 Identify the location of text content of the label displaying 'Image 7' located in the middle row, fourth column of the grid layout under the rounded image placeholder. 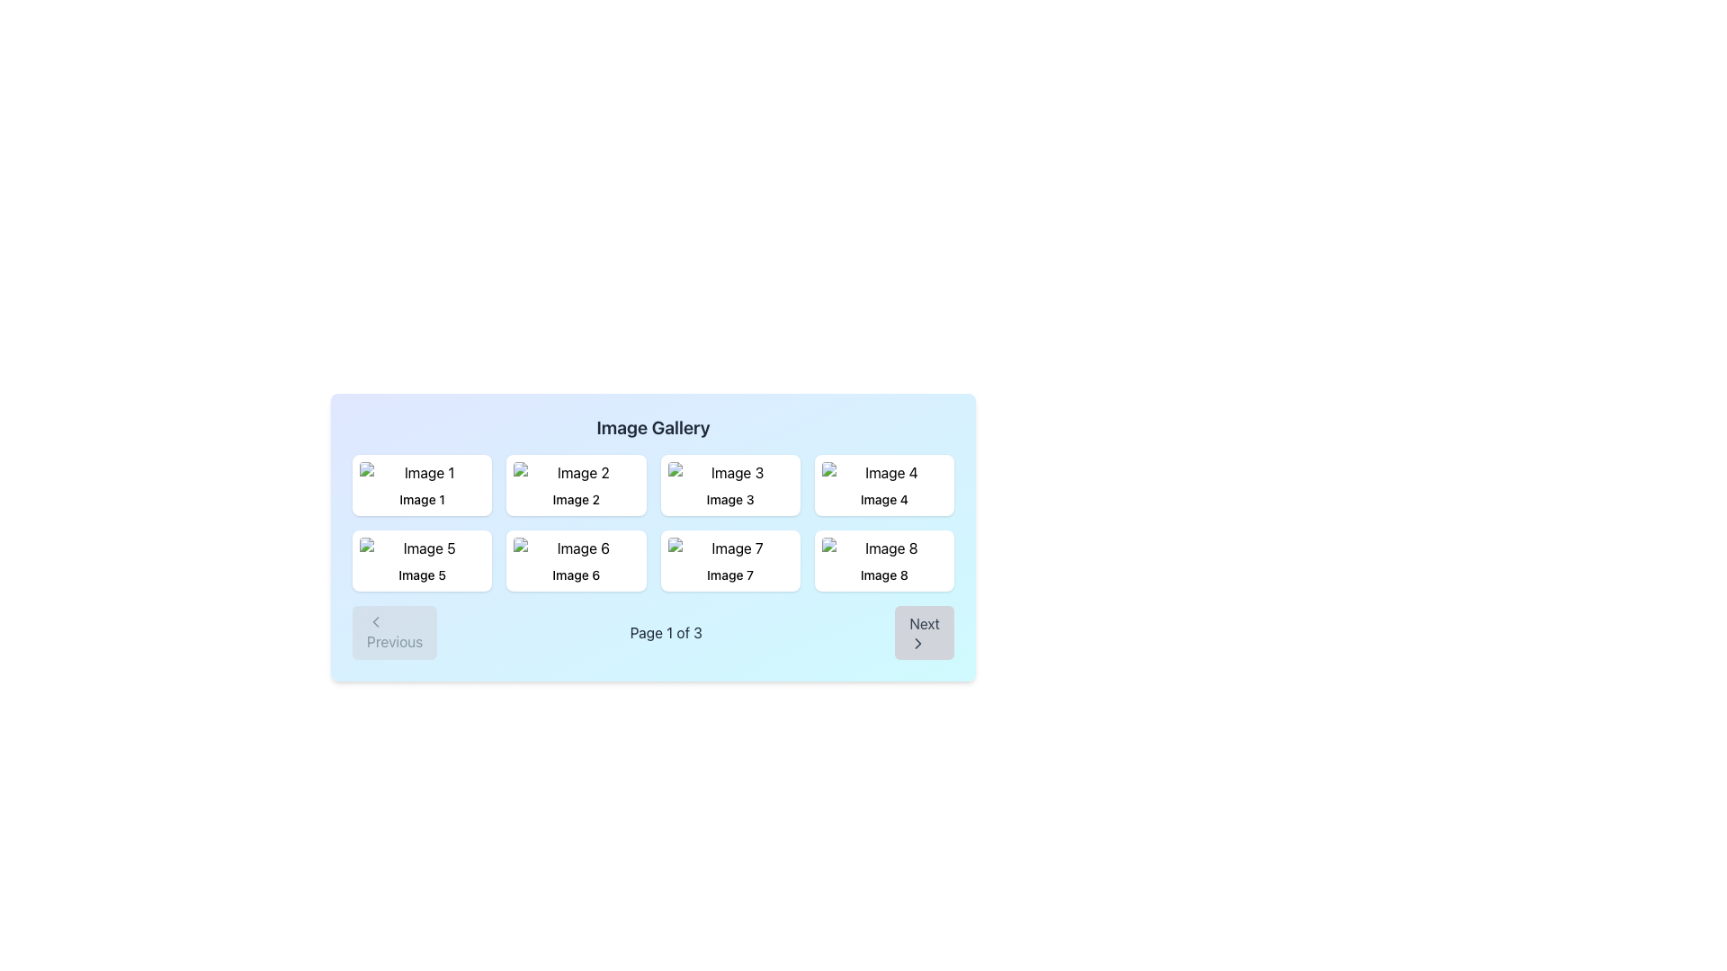
(730, 575).